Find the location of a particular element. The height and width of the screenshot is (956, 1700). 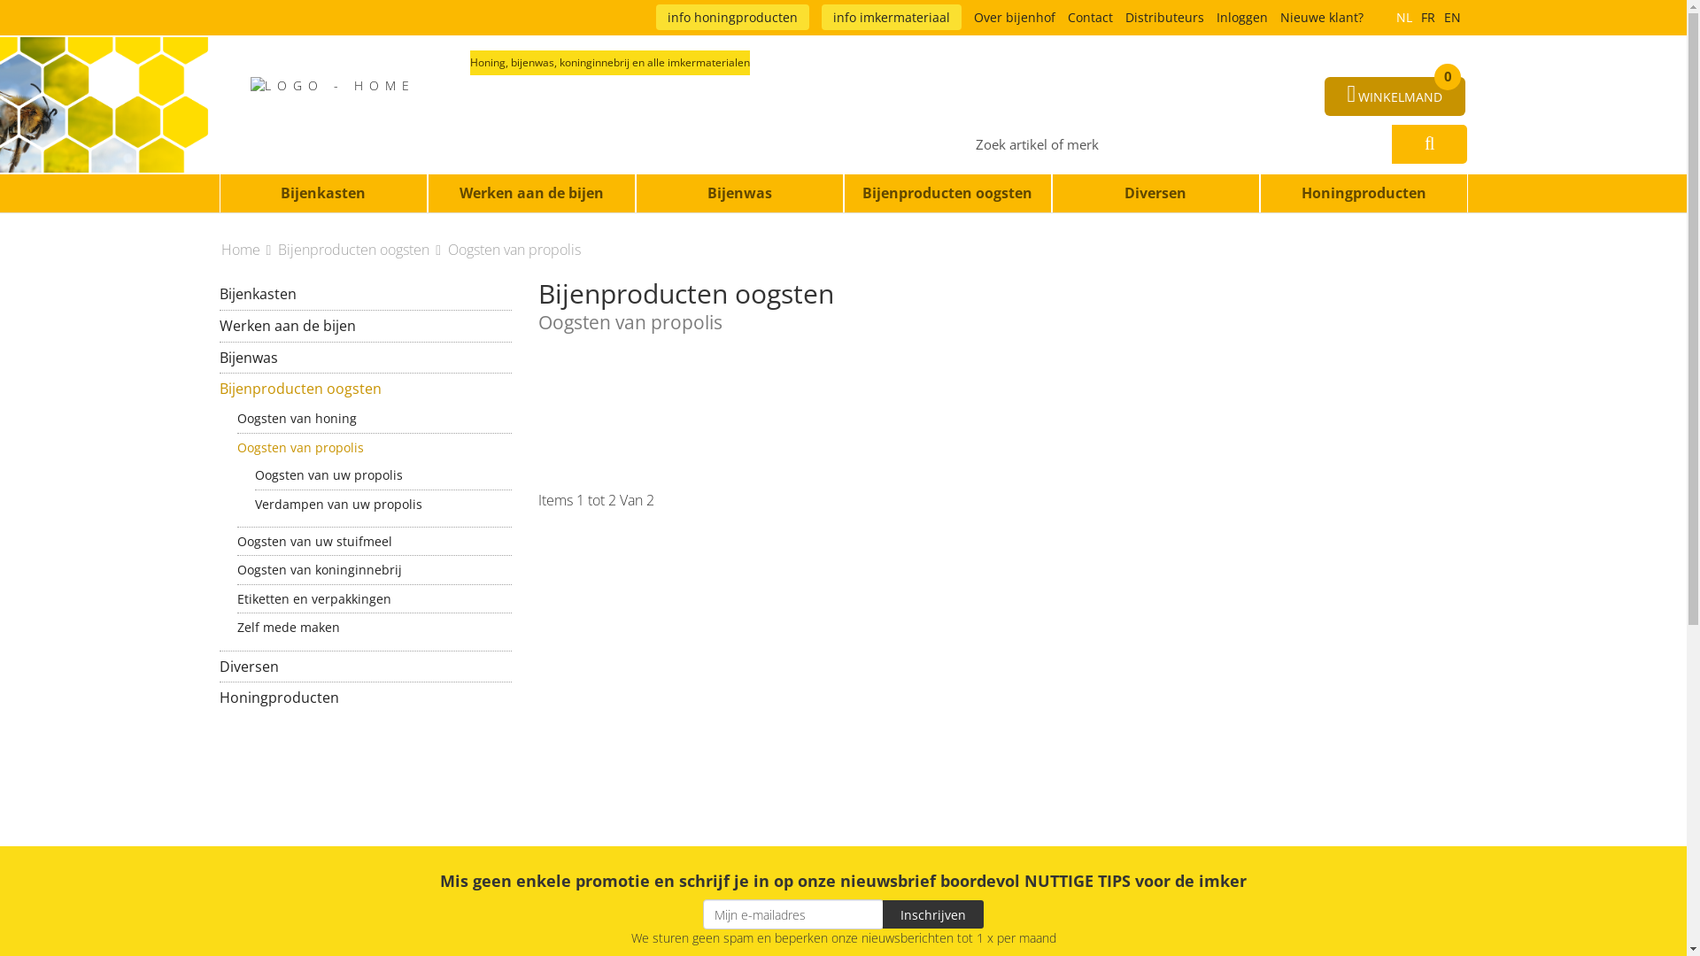

'Bijenkasten' is located at coordinates (323, 193).